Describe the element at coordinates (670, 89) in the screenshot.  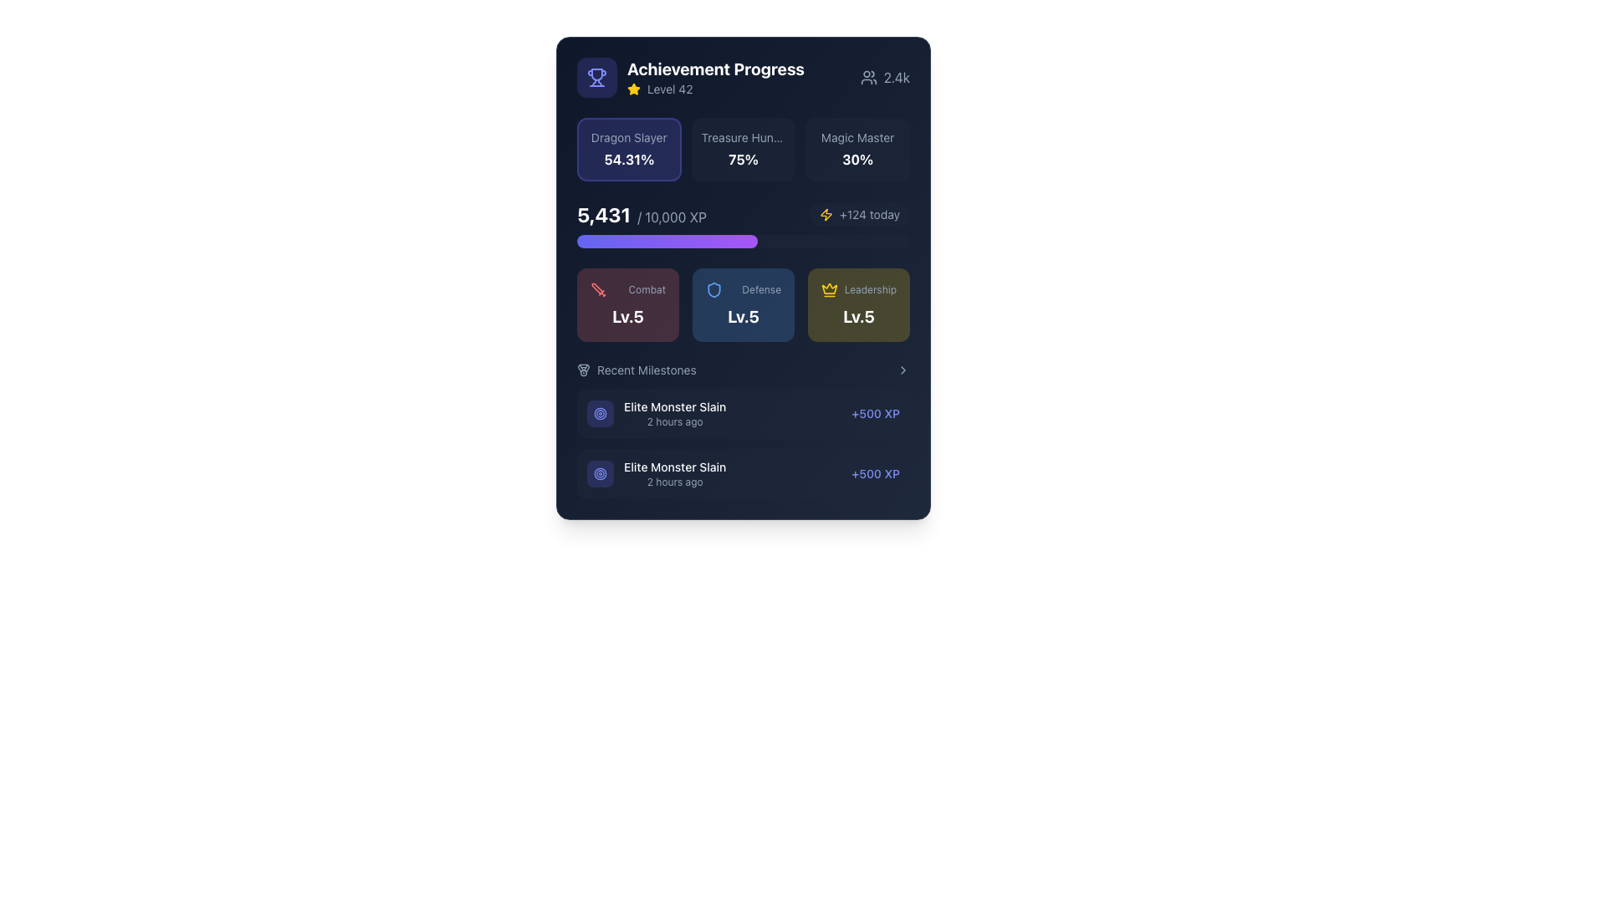
I see `the text label displaying 'Level 42', which is styled in smaller gray font and located to the right of a yellow star icon in the 'Achievement Progress' section` at that location.